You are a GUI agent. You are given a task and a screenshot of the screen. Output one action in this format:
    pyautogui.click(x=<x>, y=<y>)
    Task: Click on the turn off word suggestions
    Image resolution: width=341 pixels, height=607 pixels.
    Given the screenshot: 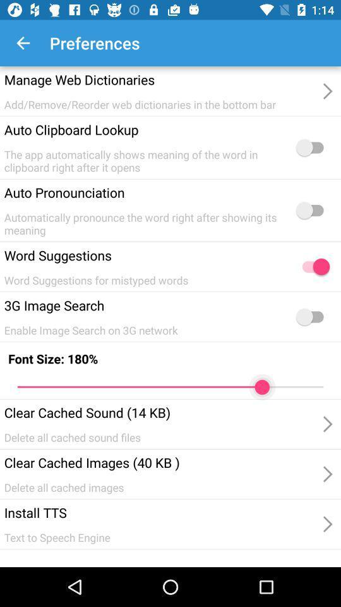 What is the action you would take?
    pyautogui.click(x=312, y=267)
    